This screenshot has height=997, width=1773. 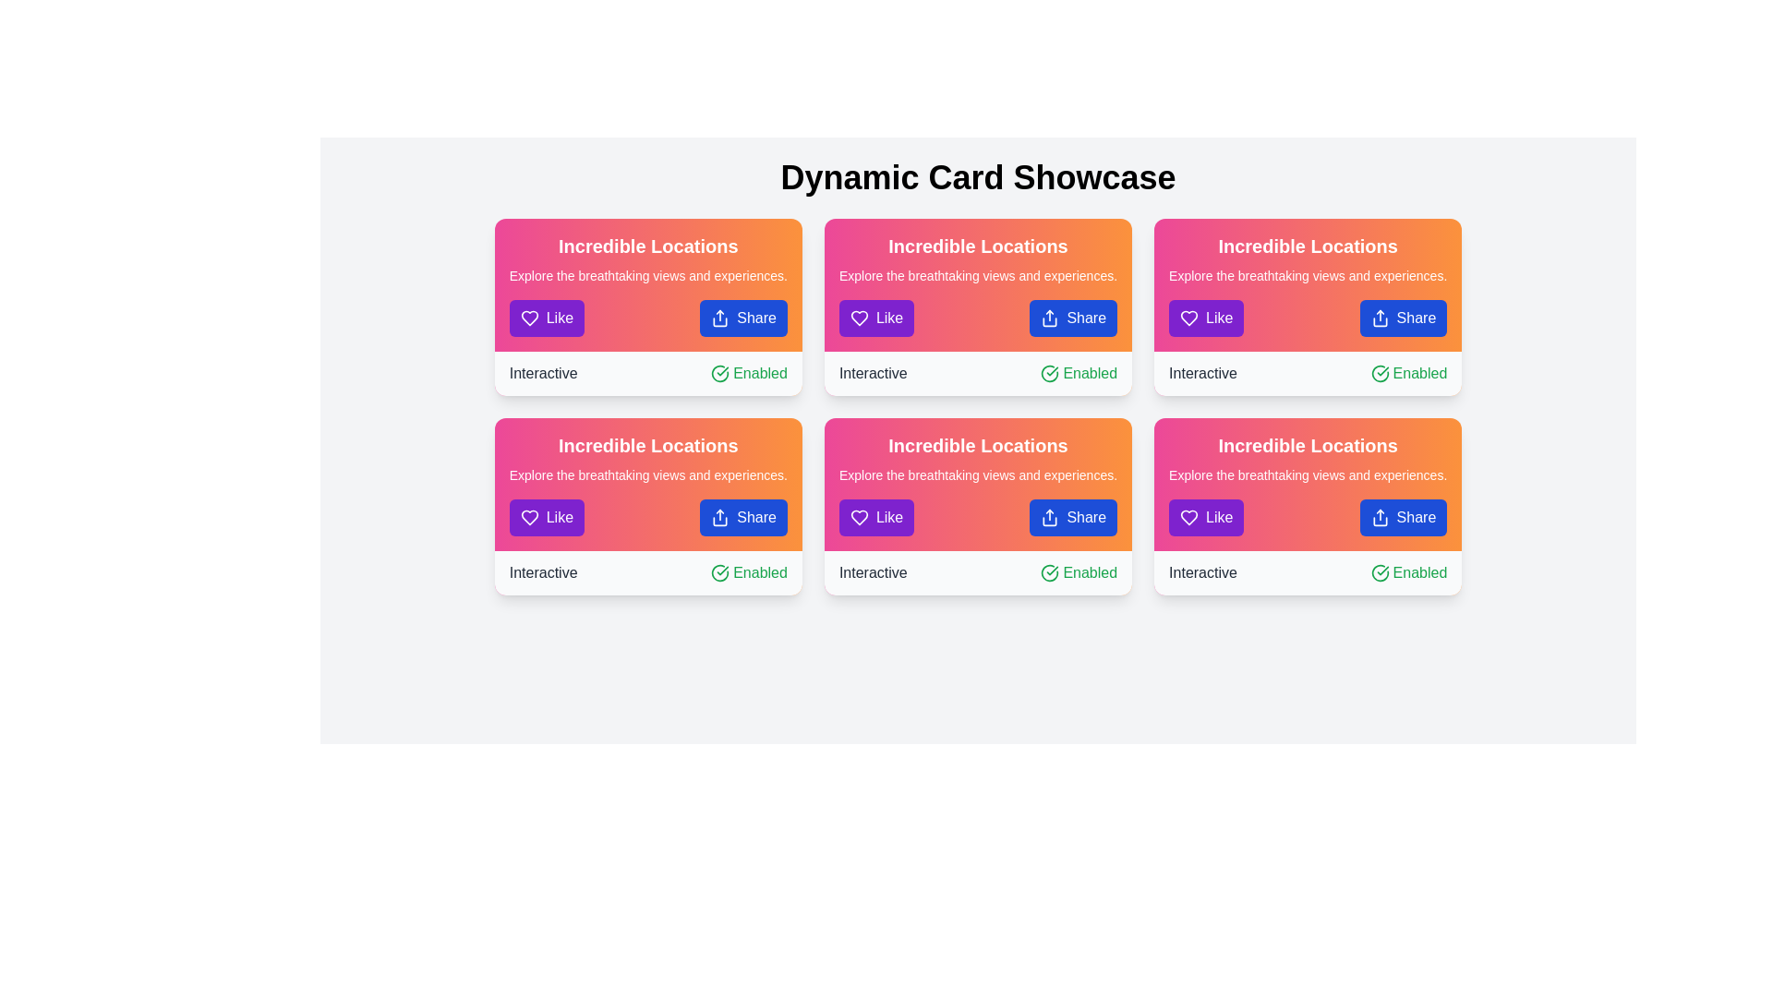 I want to click on the 'Share' button, which is a rectangular blue button with a white 'Share' text and an icon resembling a share symbol, positioned to the right of the 'Like' button at the bottom of a card, so click(x=1073, y=317).